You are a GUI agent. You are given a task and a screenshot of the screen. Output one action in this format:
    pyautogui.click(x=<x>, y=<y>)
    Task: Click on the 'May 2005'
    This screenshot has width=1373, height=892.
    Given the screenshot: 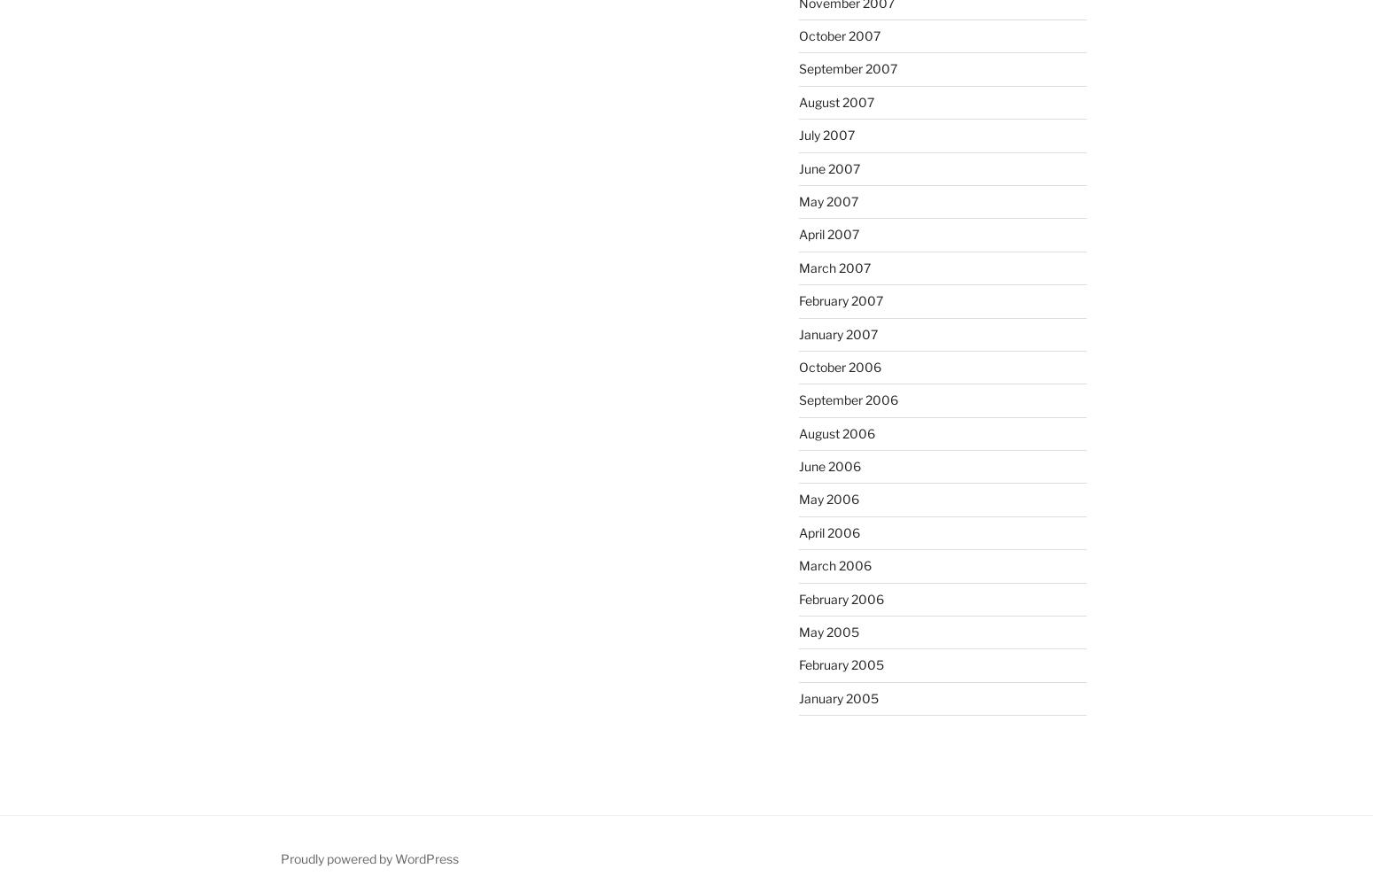 What is the action you would take?
    pyautogui.click(x=826, y=631)
    